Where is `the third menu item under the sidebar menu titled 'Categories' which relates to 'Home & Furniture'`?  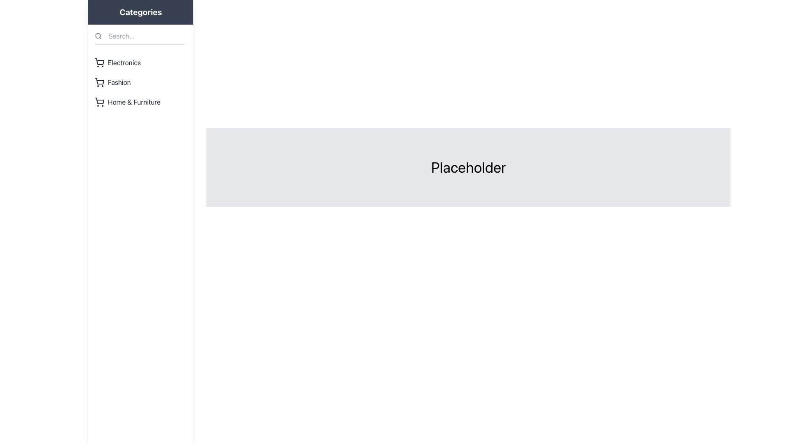 the third menu item under the sidebar menu titled 'Categories' which relates to 'Home & Furniture' is located at coordinates (140, 102).